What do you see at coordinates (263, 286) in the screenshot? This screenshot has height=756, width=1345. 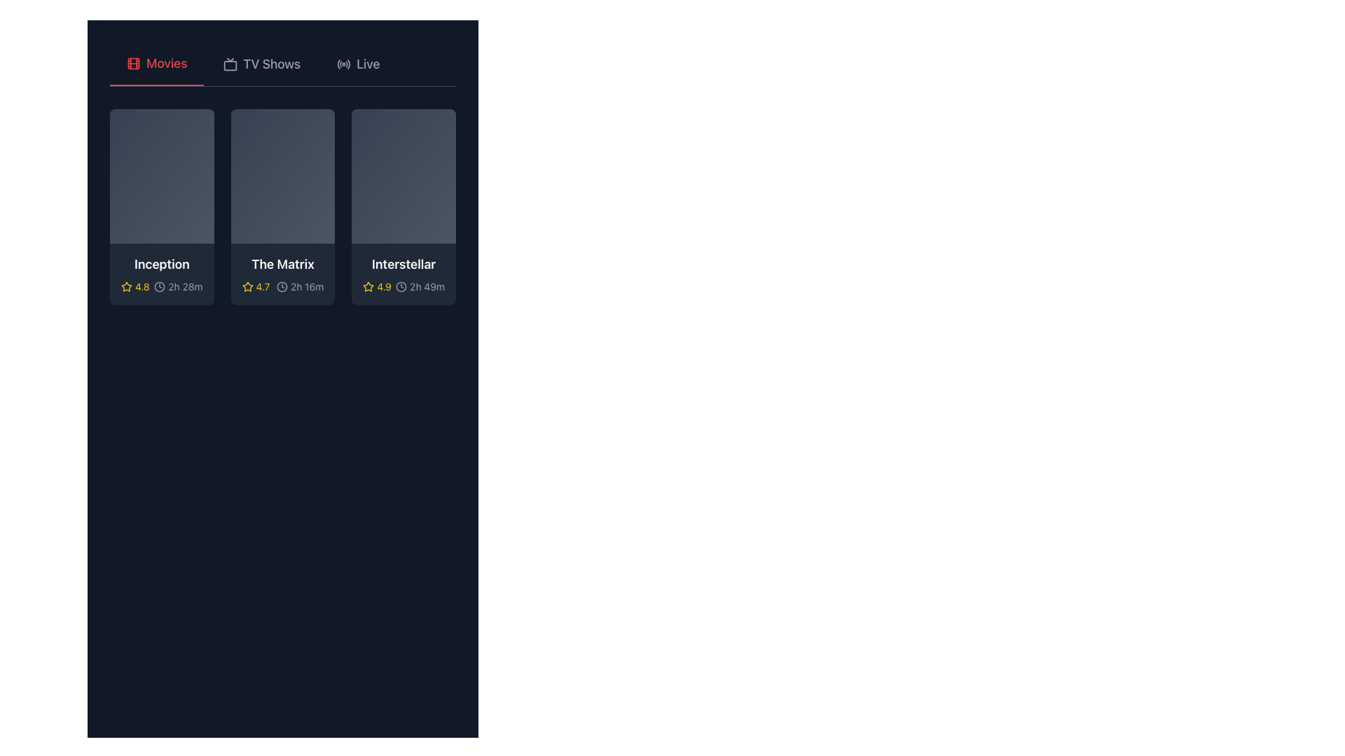 I see `the numerical rating displayed in the text label located` at bounding box center [263, 286].